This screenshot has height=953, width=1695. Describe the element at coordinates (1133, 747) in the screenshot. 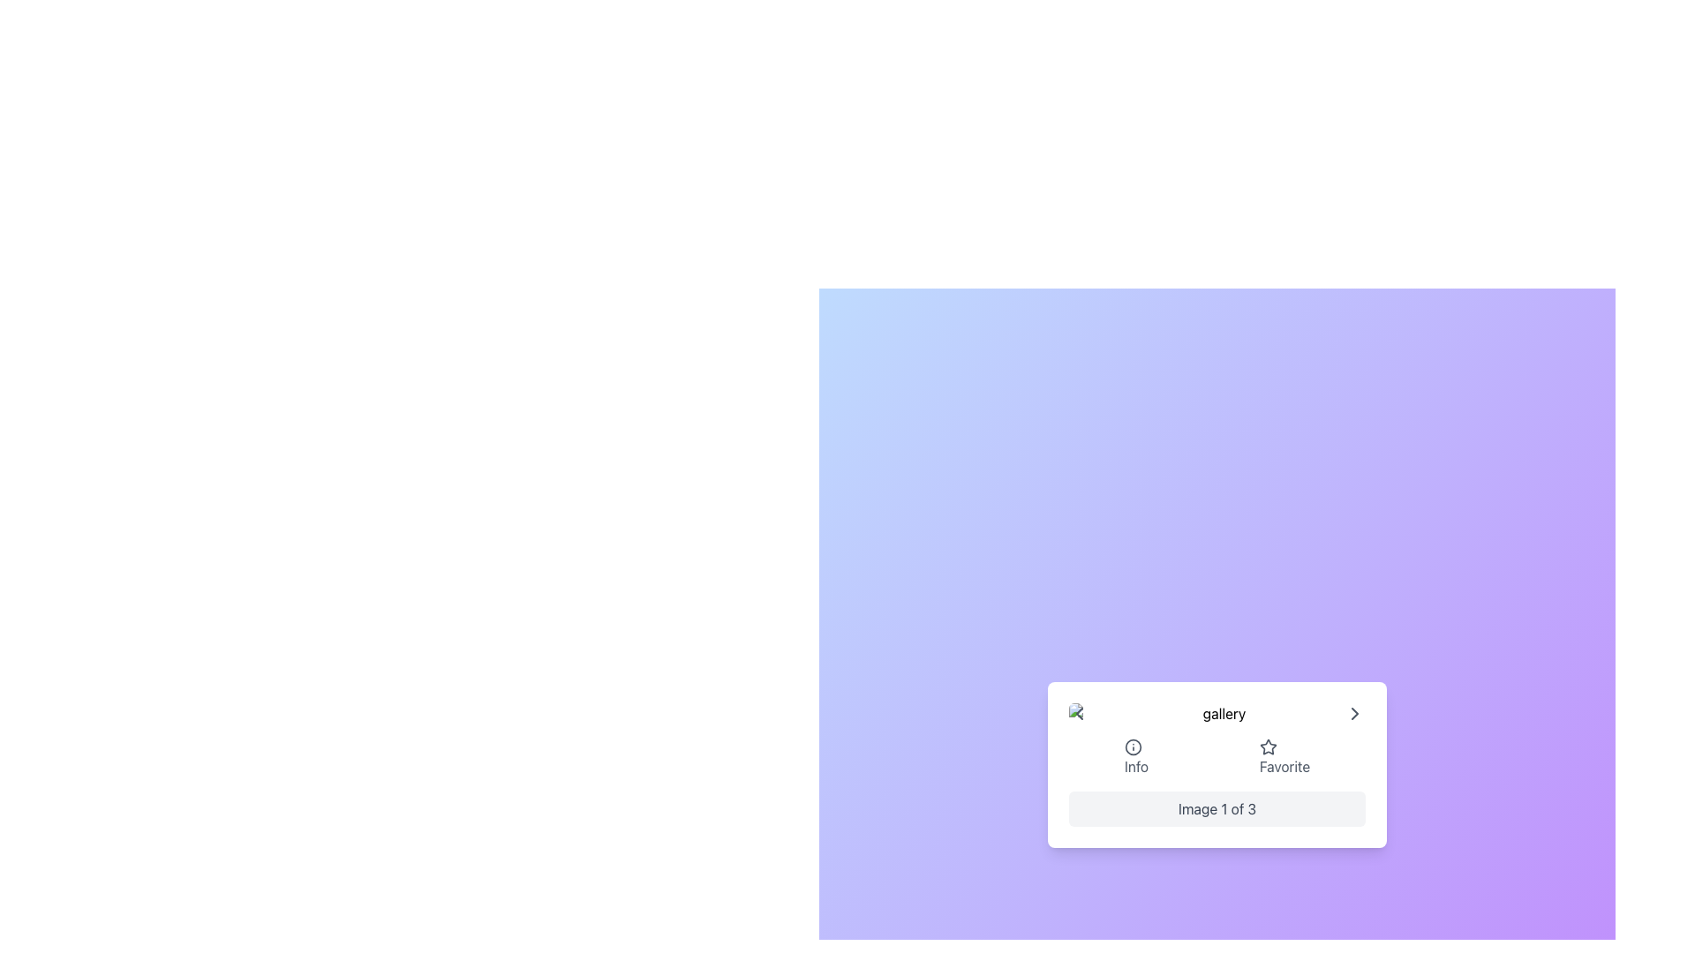

I see `the circular information icon with an 'i' symbol located in the lower-left of the modal box labeled 'Info'` at that location.